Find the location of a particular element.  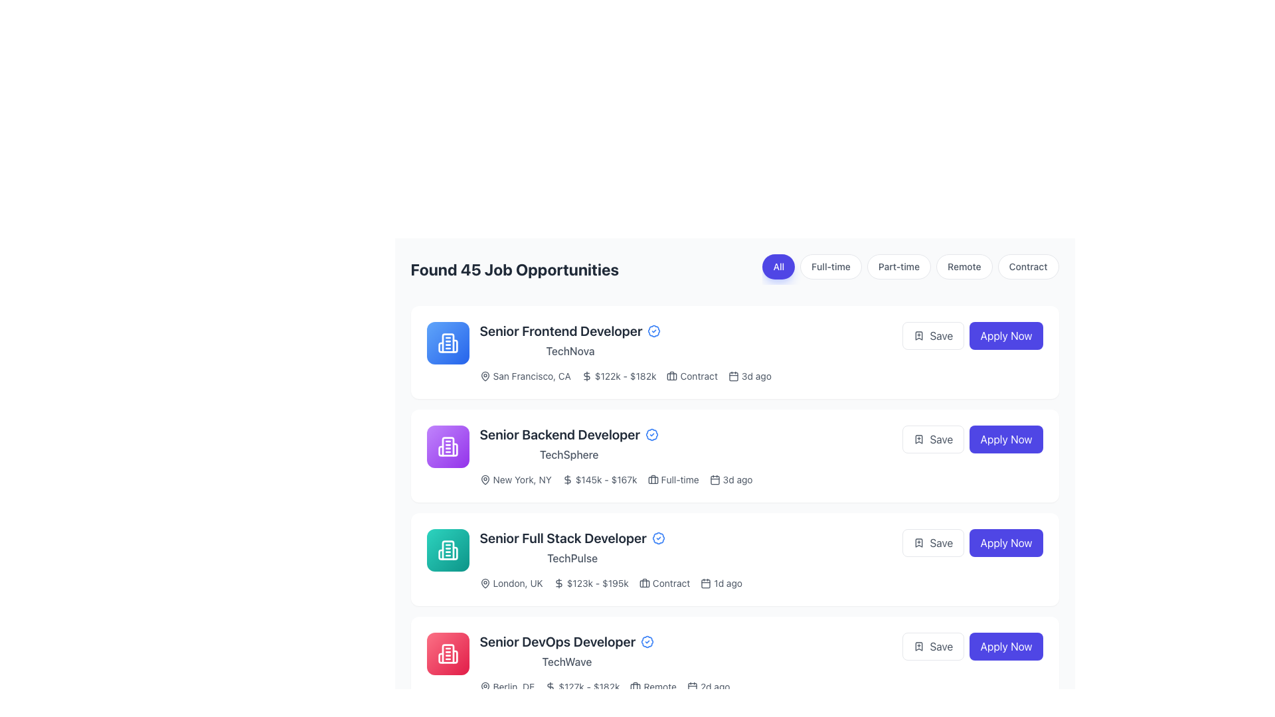

the 'Apply' button located on the right-hand side of the 'Senior Backend Developer' job posting is located at coordinates (1006, 439).